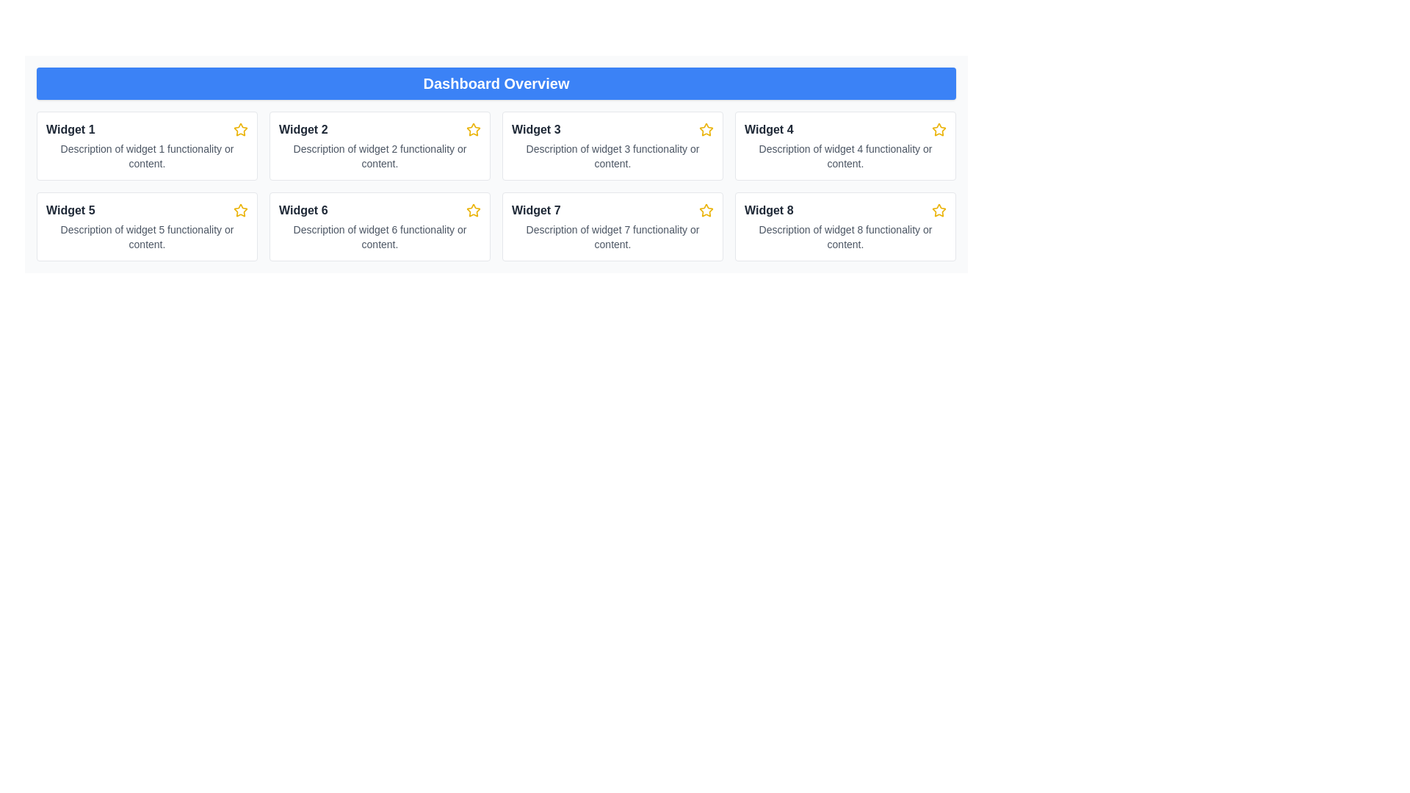 This screenshot has width=1410, height=793. Describe the element at coordinates (473, 128) in the screenshot. I see `the star-shaped graphic icon with a yellow border located next to the 'Widget 2' label` at that location.